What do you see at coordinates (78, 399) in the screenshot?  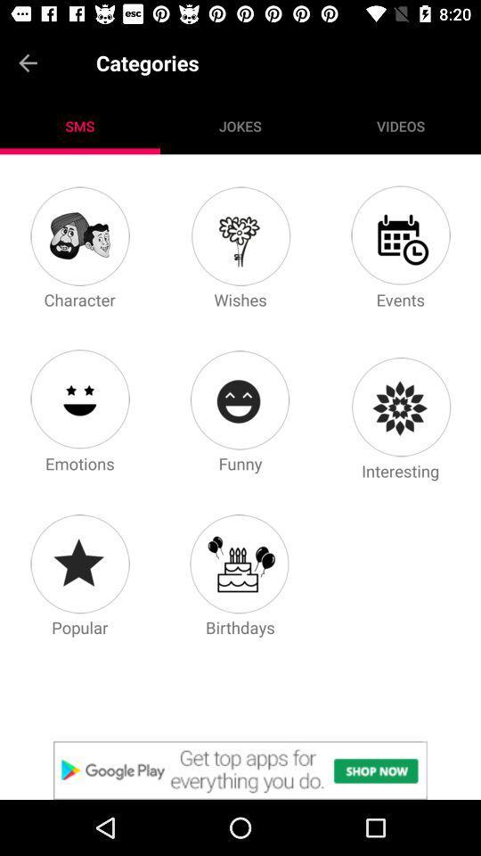 I see `category` at bounding box center [78, 399].